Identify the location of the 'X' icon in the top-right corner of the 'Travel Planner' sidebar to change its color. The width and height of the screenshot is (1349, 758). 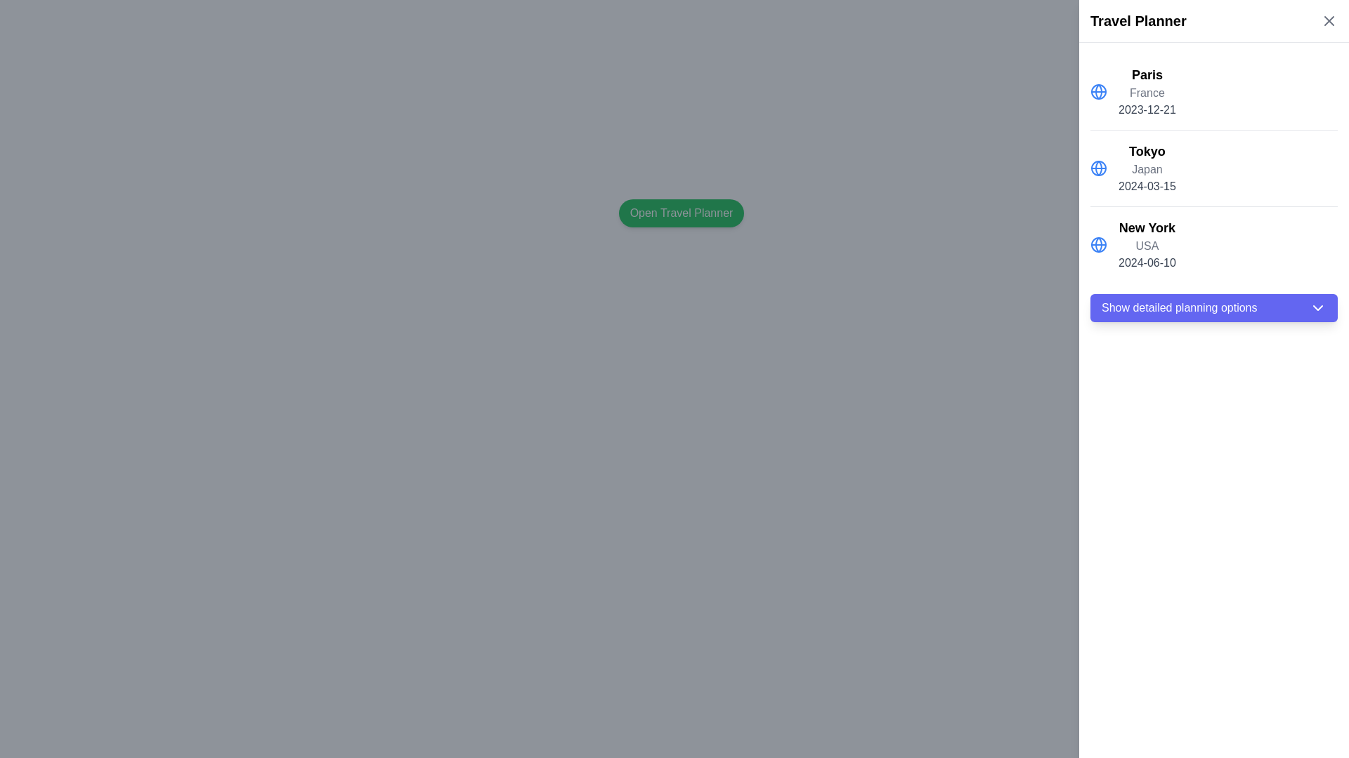
(1328, 21).